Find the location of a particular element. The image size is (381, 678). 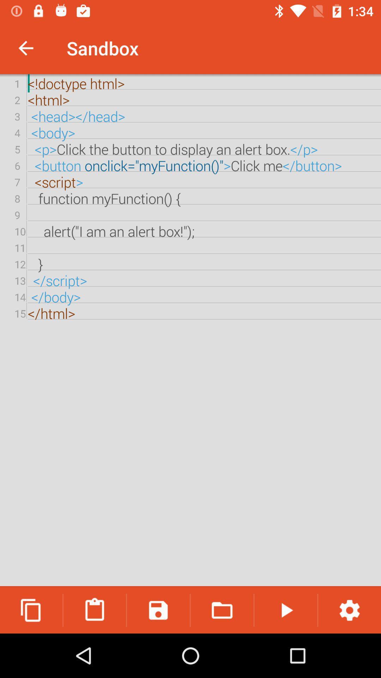

the doctype html html is located at coordinates (190, 330).